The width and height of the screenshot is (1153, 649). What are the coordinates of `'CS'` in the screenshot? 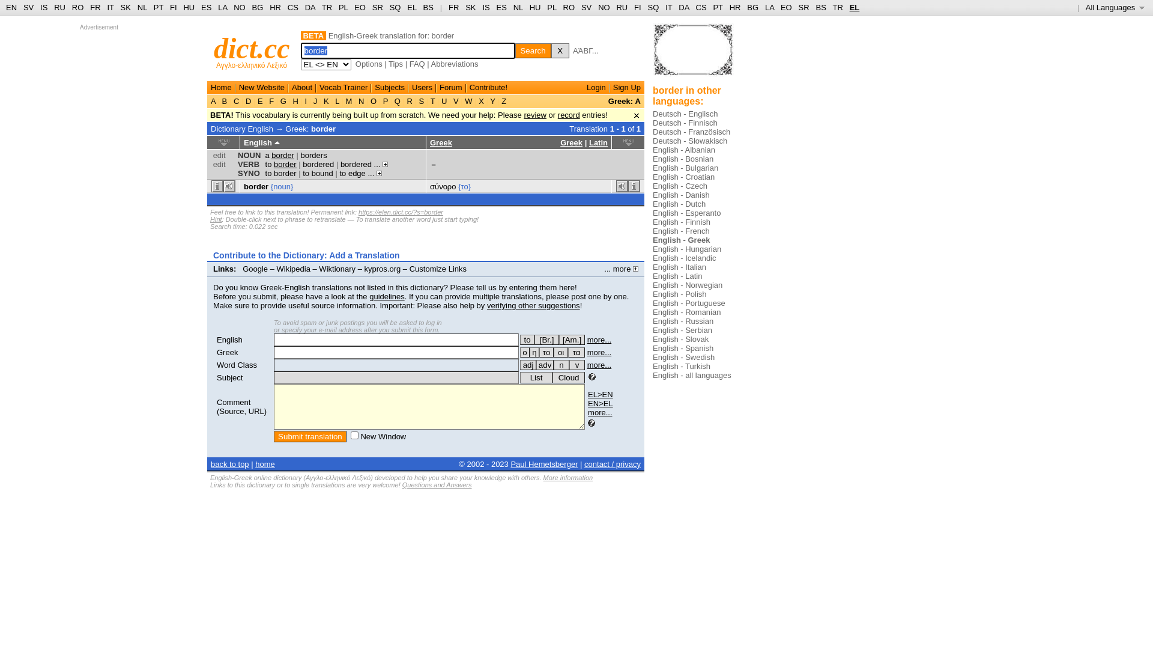 It's located at (293, 7).